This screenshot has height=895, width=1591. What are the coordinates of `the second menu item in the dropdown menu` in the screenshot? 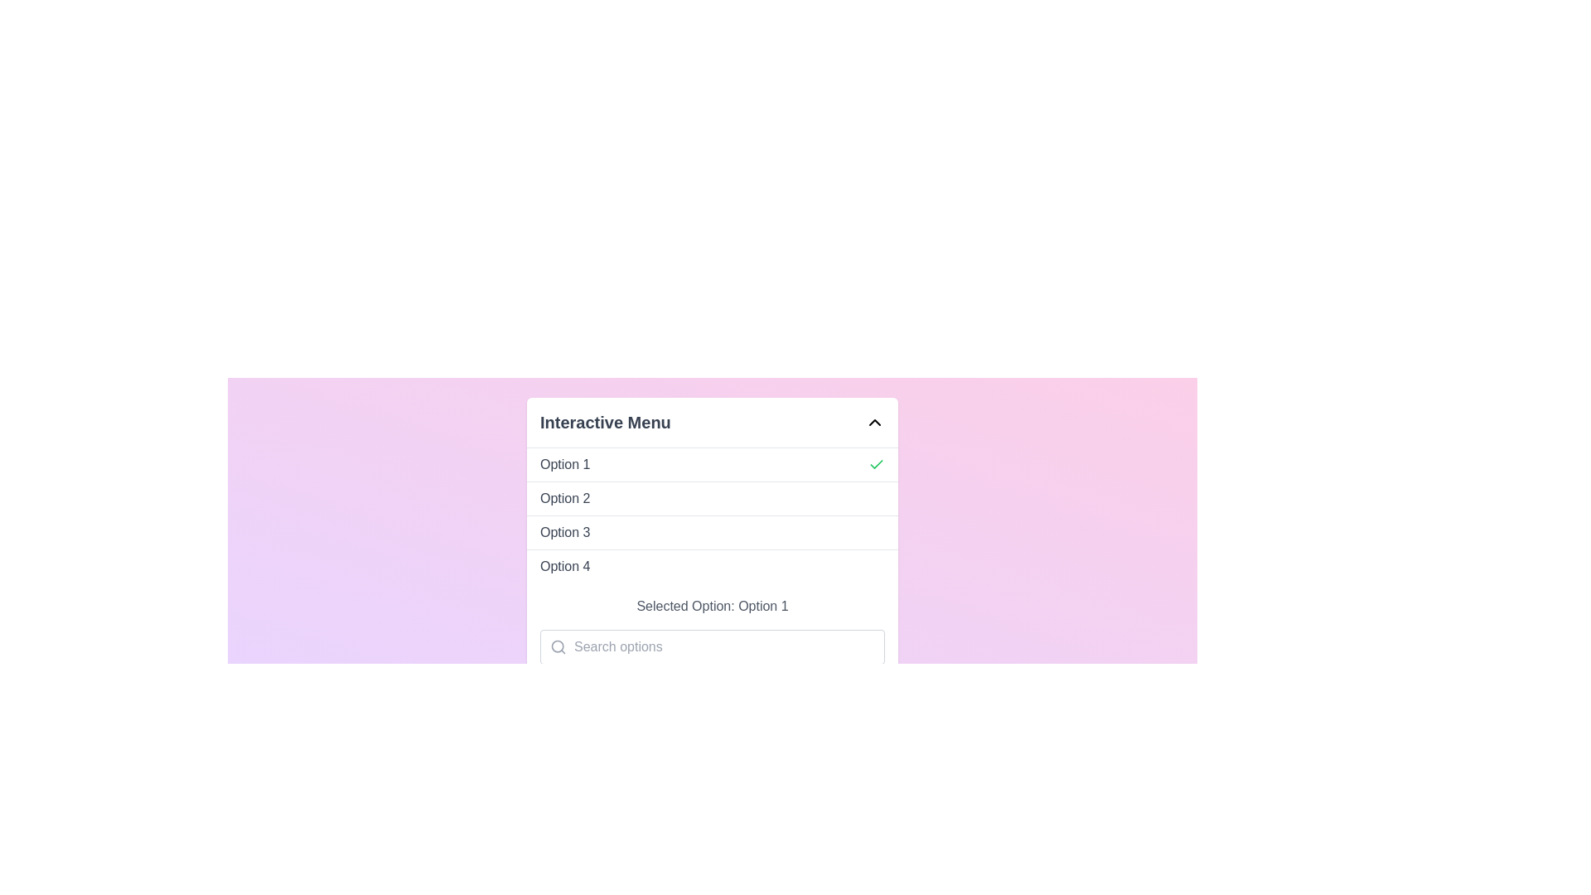 It's located at (712, 497).